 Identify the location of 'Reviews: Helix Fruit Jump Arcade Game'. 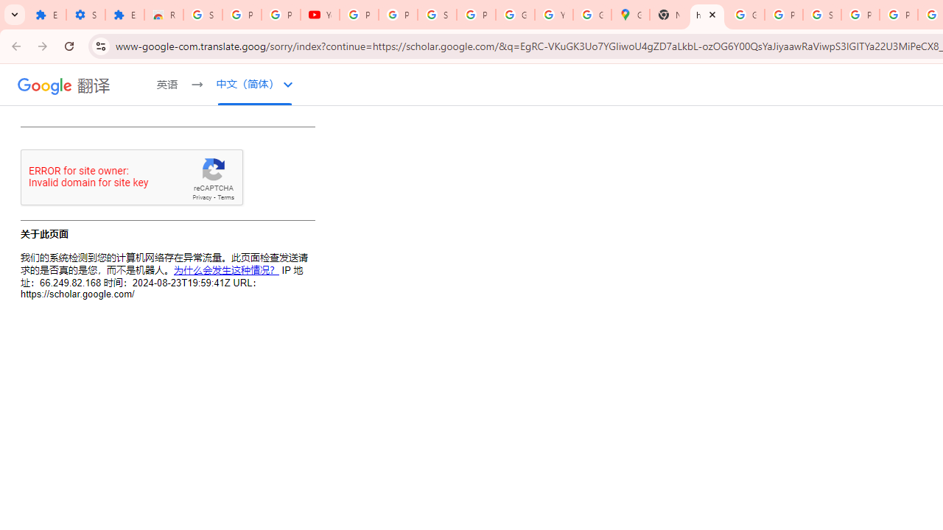
(164, 15).